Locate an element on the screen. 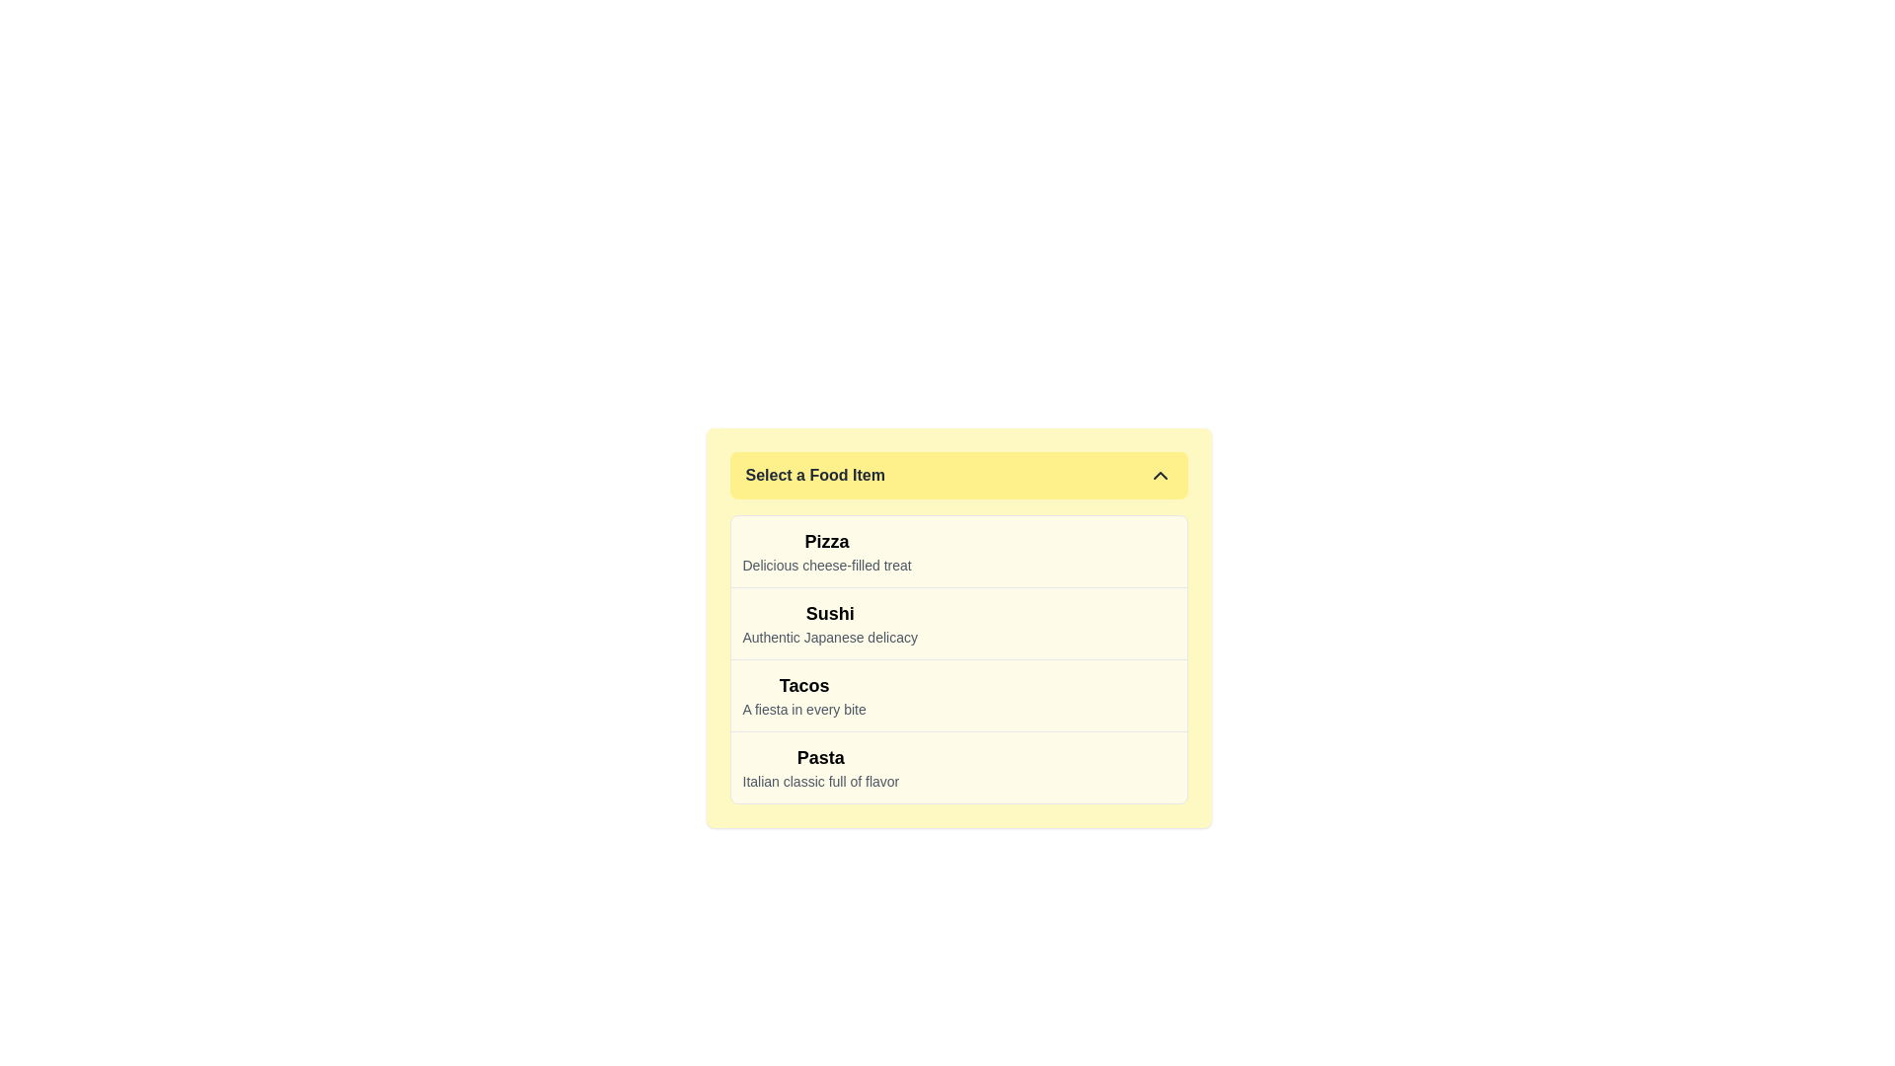 This screenshot has height=1066, width=1895. the 'Tacos' label, which is styled in bold black text and is the third item in the 'Select a Food Item' menu list is located at coordinates (804, 684).